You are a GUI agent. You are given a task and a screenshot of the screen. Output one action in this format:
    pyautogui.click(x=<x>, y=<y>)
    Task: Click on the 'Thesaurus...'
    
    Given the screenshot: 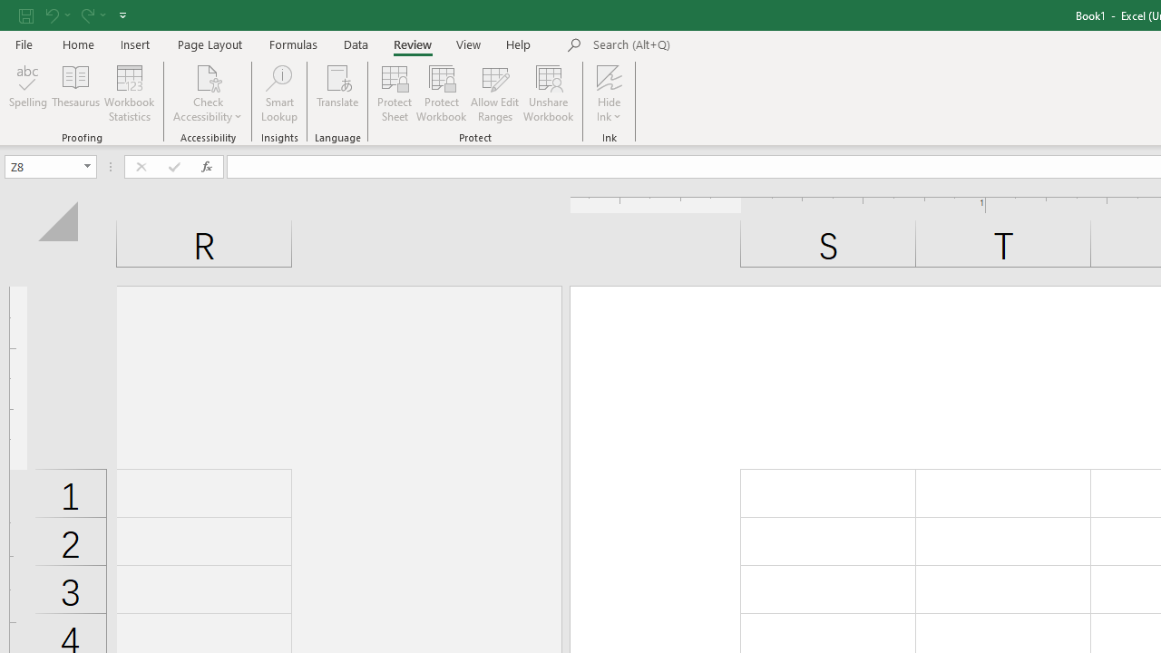 What is the action you would take?
    pyautogui.click(x=74, y=93)
    